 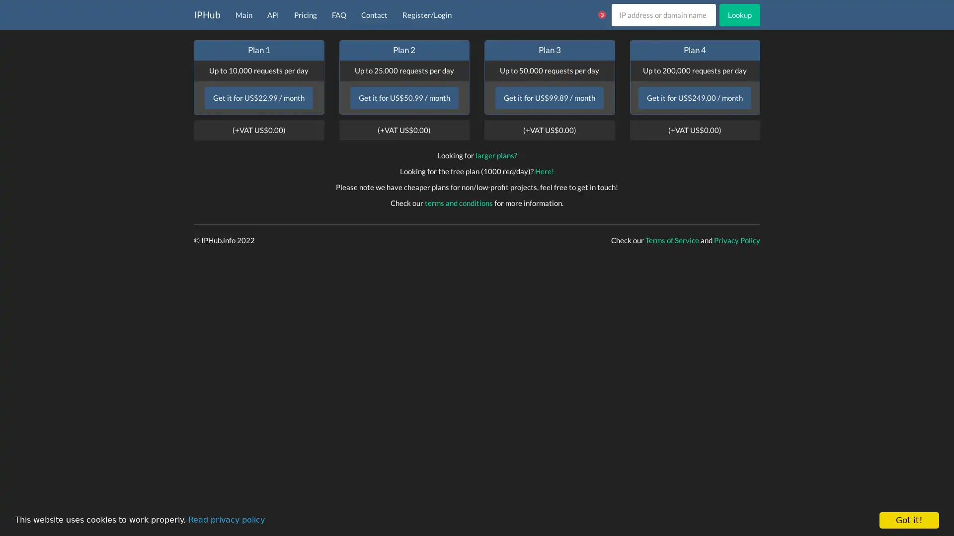 I want to click on Lookup, so click(x=739, y=14).